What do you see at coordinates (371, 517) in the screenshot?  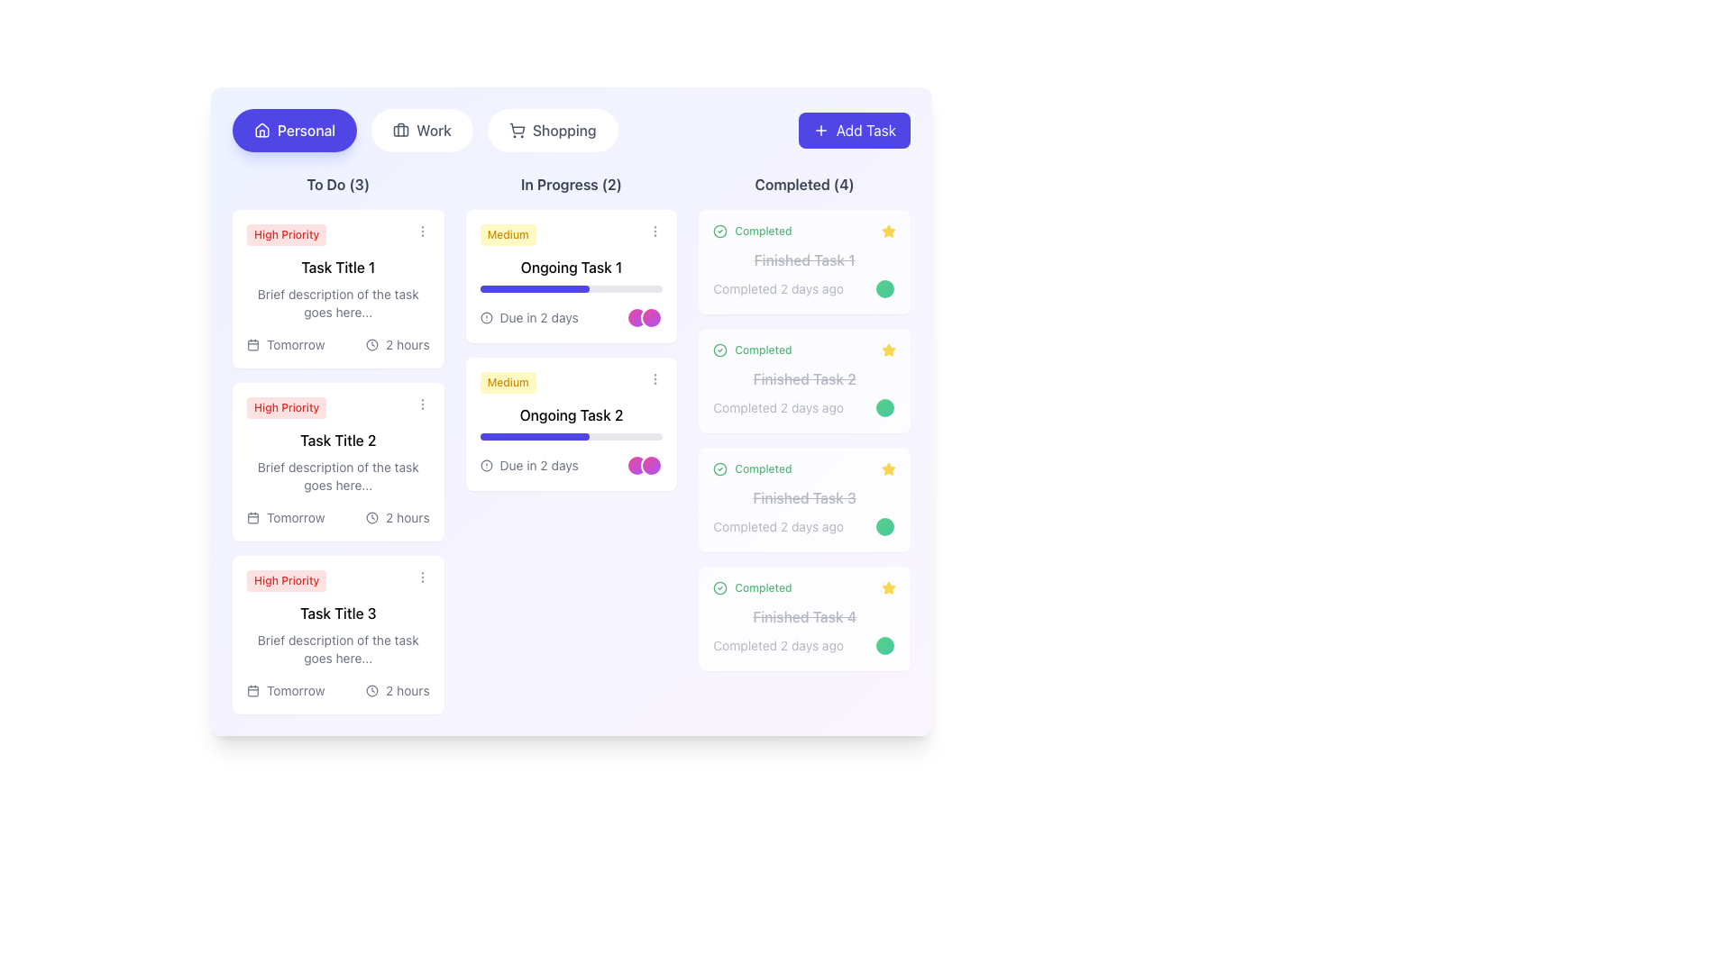 I see `the circular graphical element representing a clock within the upper-right region of the 'Task' card component` at bounding box center [371, 517].